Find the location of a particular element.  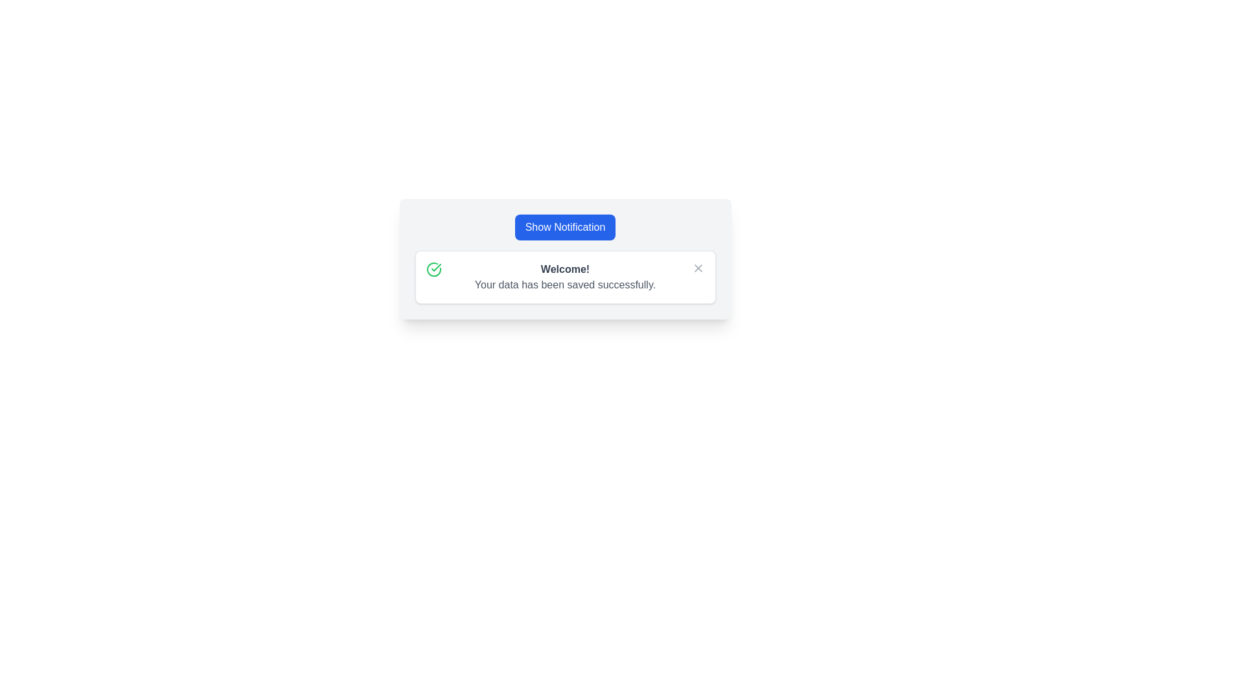

the green circular success icon with a checkmark located to the left of the 'Welcome!' text in the notification panel is located at coordinates (433, 269).